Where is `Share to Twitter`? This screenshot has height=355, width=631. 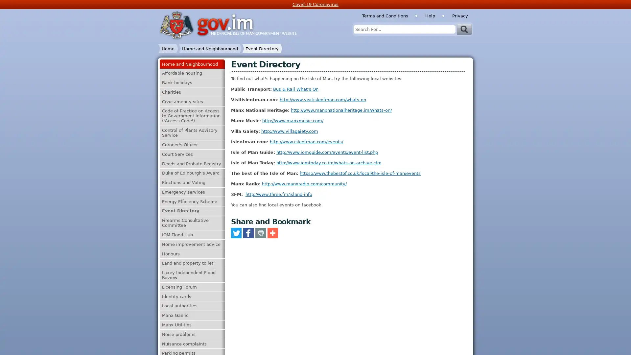
Share to Twitter is located at coordinates (236, 232).